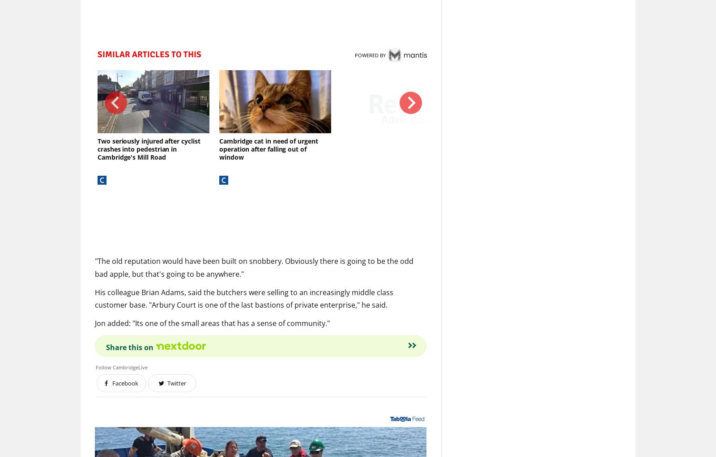 The width and height of the screenshot is (716, 457). What do you see at coordinates (149, 149) in the screenshot?
I see `'Two seriously injured after cyclist crashes into pedestrian in Cambridge's Mill Road'` at bounding box center [149, 149].